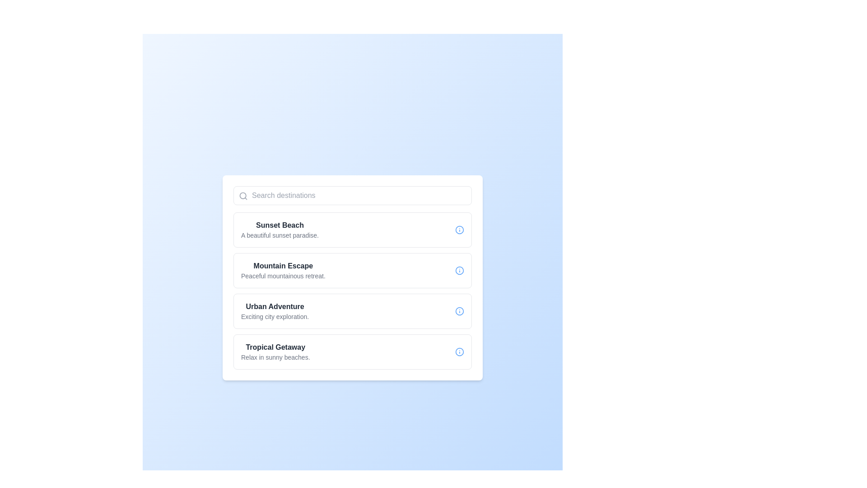 This screenshot has width=867, height=488. I want to click on the circular SVG icon with a blue border located next to the 'Tropical Getaway' text in the fourth list item, so click(459, 352).